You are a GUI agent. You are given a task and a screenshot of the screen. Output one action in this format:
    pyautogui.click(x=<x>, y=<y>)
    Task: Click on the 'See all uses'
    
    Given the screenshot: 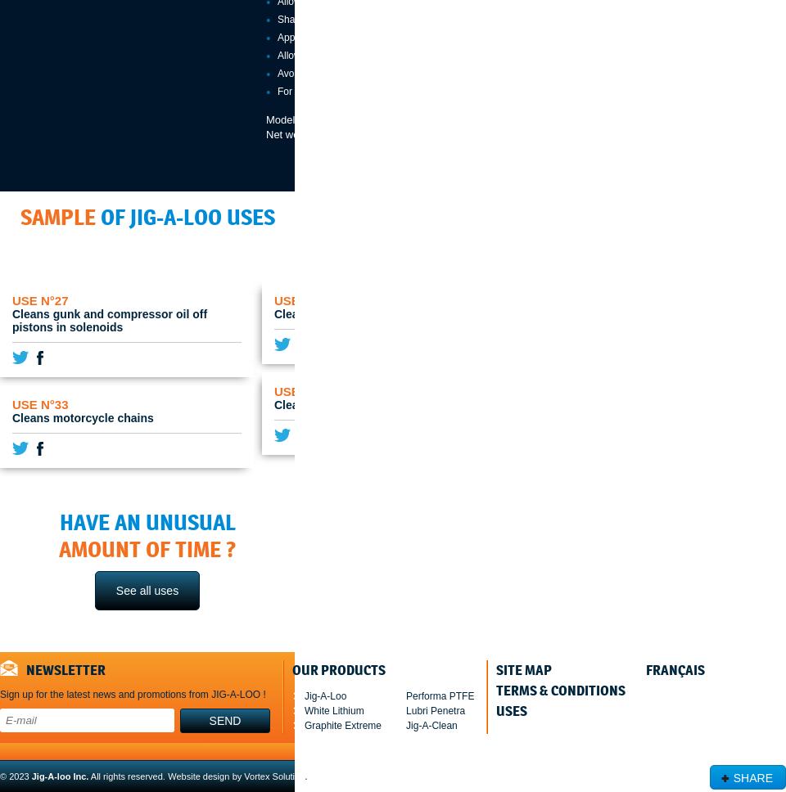 What is the action you would take?
    pyautogui.click(x=146, y=590)
    